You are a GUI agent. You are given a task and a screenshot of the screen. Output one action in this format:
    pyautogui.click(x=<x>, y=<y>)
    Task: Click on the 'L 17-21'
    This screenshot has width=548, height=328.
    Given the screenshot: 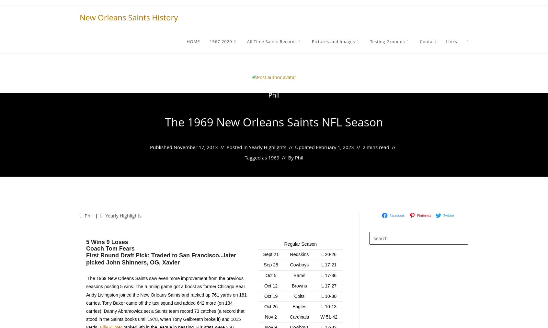 What is the action you would take?
    pyautogui.click(x=328, y=264)
    